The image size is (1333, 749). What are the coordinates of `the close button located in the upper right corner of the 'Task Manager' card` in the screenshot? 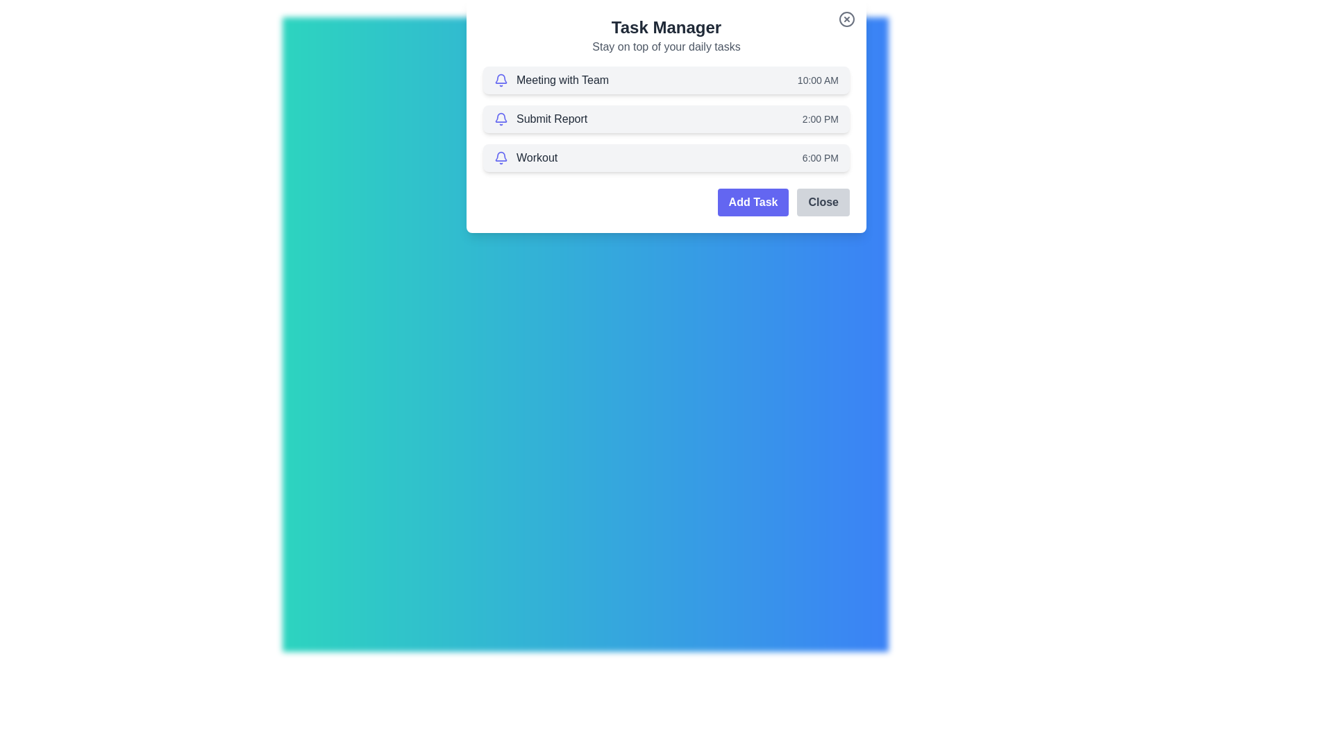 It's located at (846, 19).